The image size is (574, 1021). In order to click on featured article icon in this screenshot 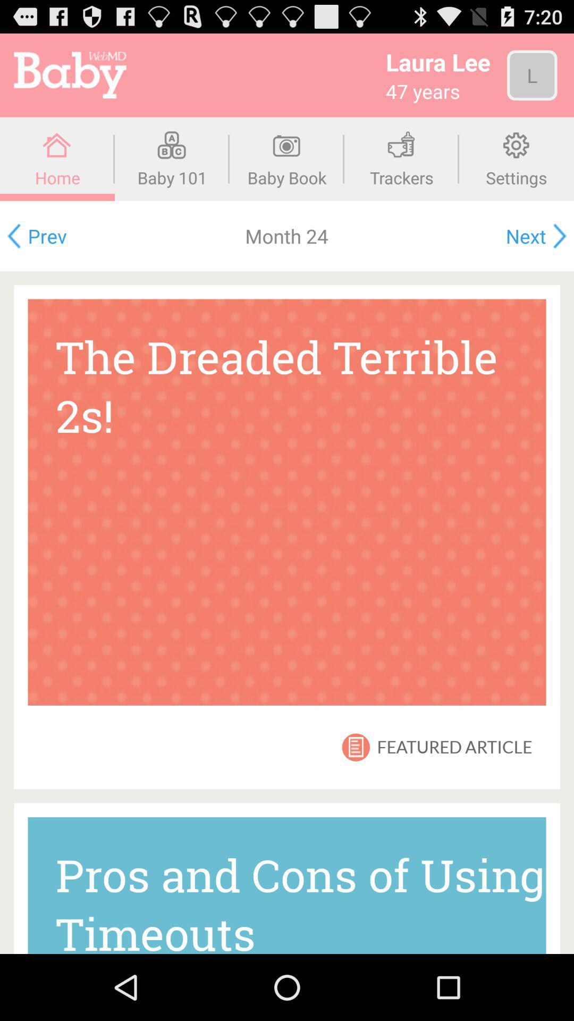, I will do `click(454, 747)`.